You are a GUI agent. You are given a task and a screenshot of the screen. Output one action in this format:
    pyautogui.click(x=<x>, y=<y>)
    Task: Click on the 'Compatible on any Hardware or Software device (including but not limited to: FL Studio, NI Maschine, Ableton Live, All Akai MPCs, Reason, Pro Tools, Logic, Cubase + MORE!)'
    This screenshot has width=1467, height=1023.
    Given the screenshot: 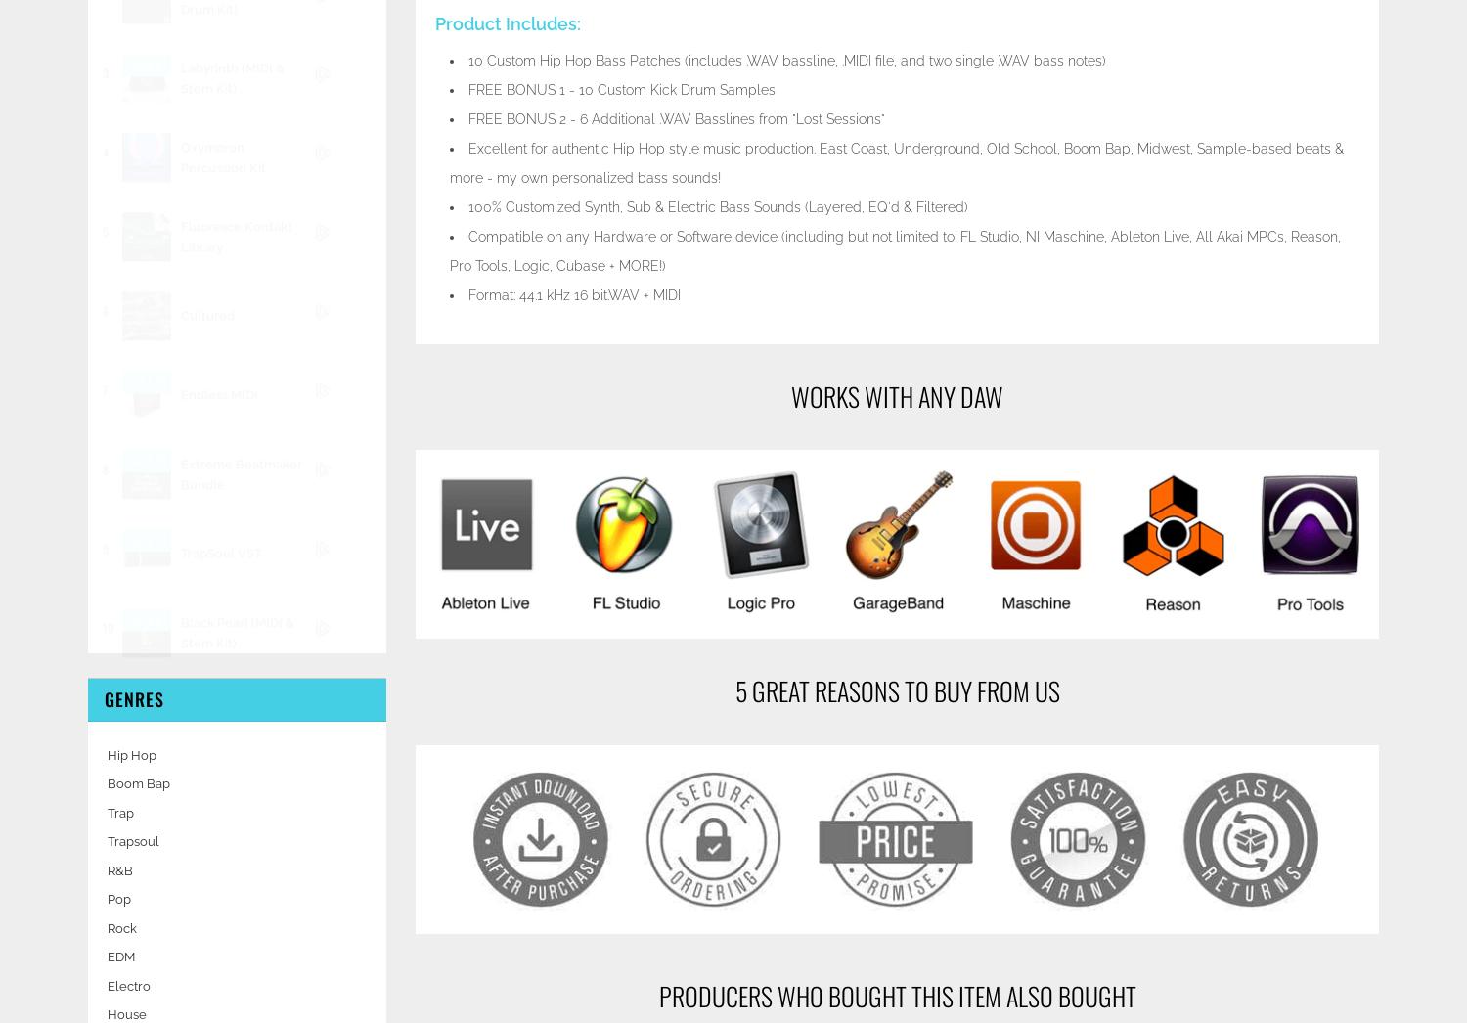 What is the action you would take?
    pyautogui.click(x=895, y=248)
    